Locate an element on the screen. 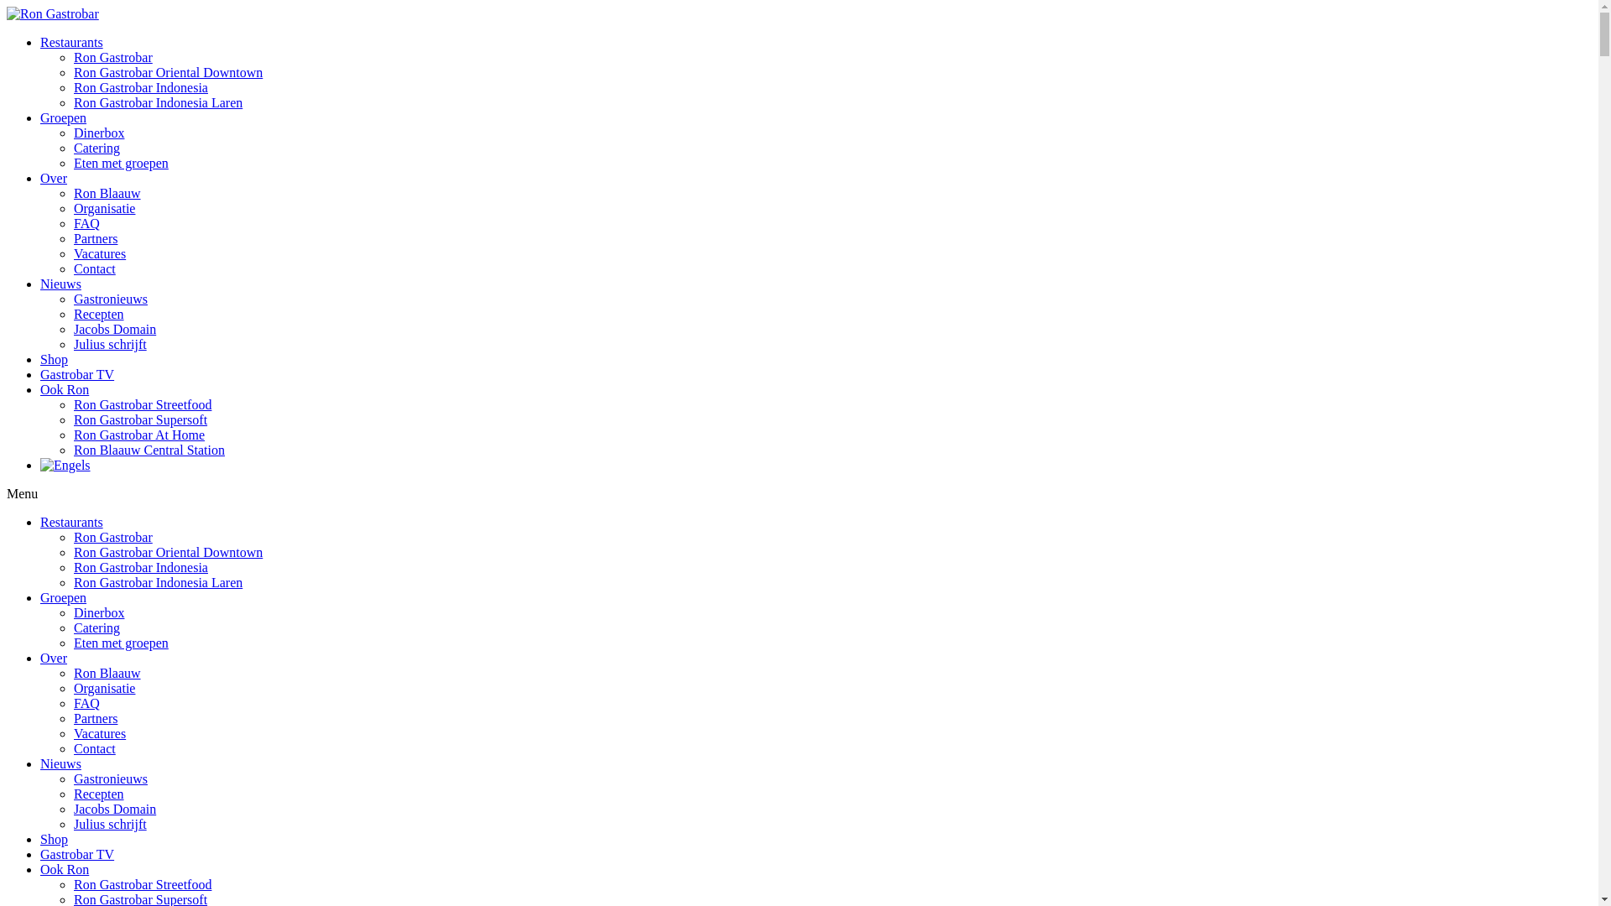 This screenshot has width=1611, height=906. 'Gastronieuws' is located at coordinates (109, 778).